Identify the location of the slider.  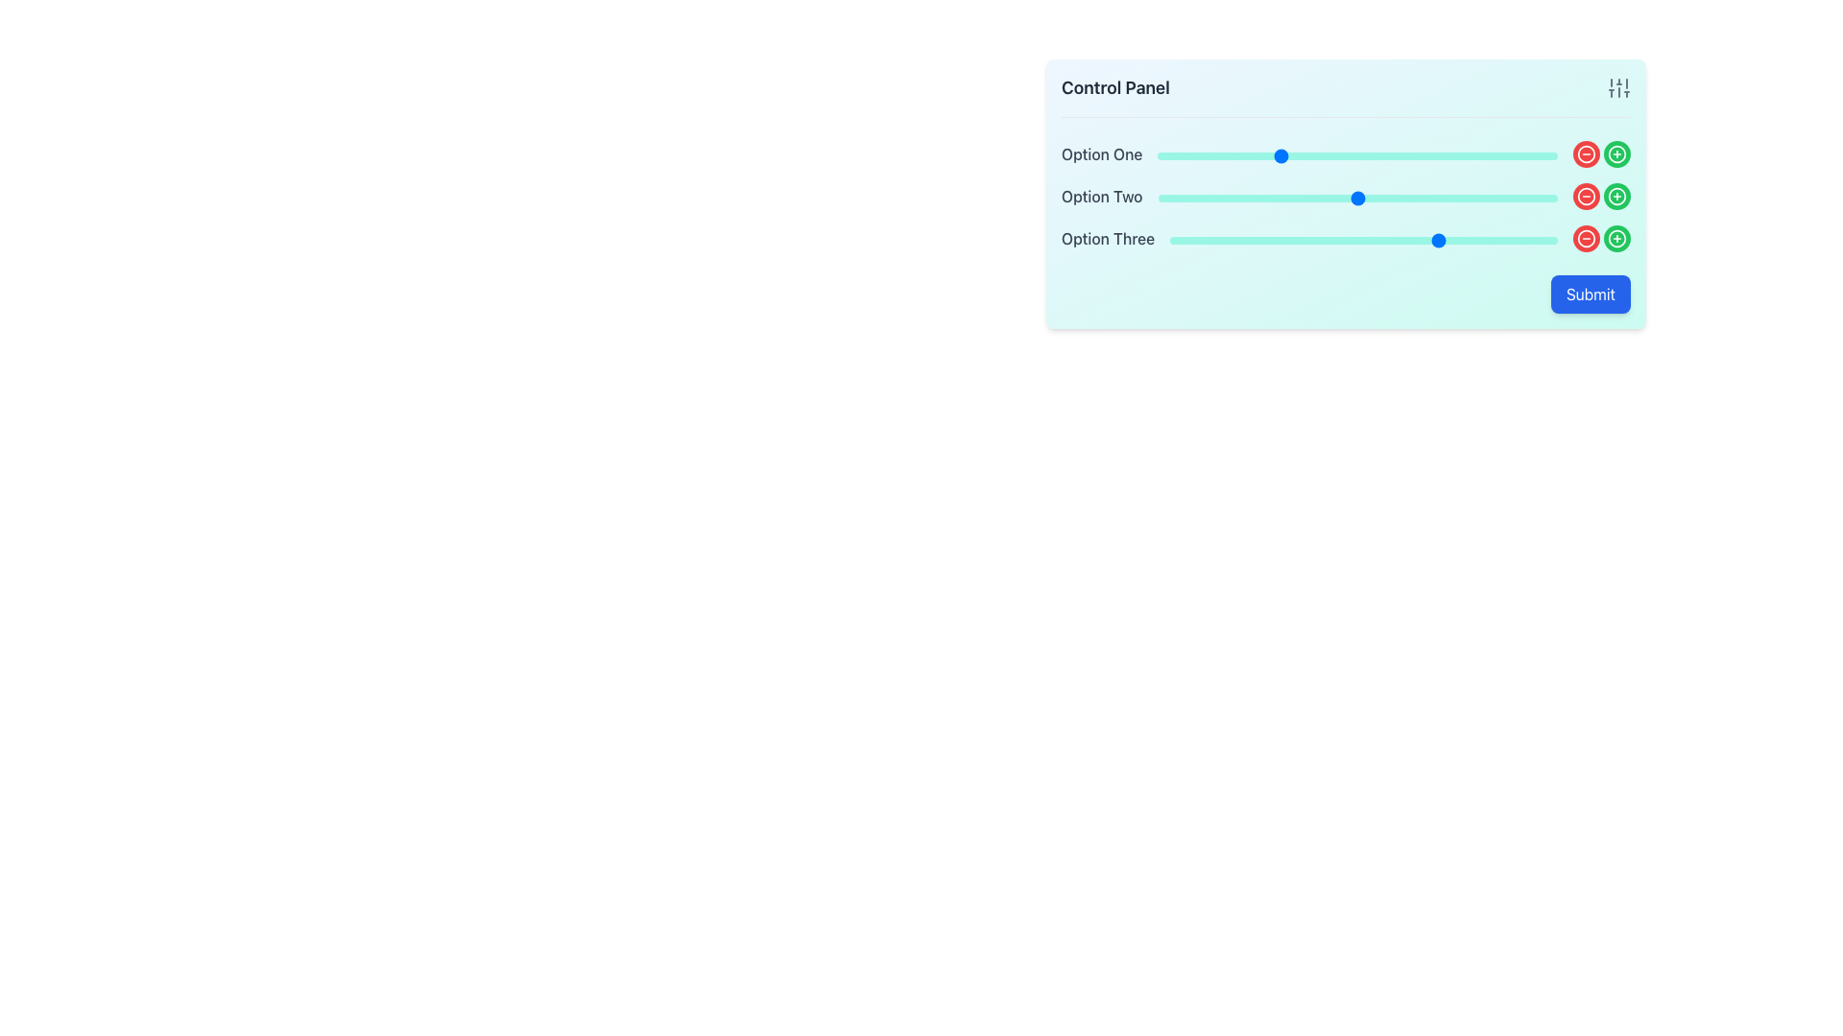
(1549, 154).